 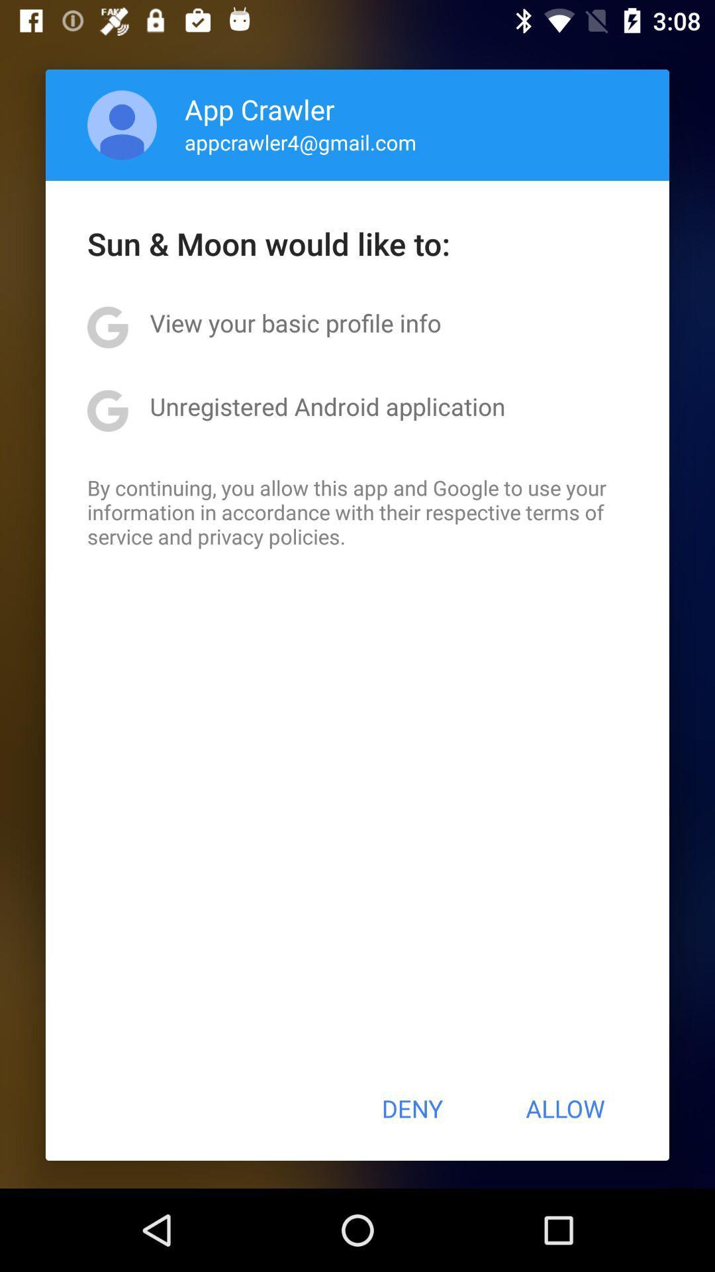 I want to click on the item above the by continuing you item, so click(x=327, y=405).